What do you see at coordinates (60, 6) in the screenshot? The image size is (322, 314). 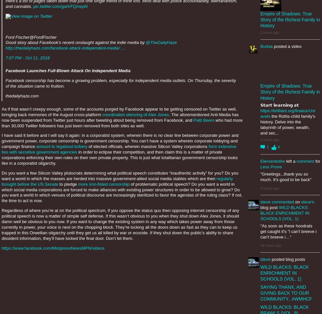 I see `'pic.twitter.com/gatVFQmepN'` at bounding box center [60, 6].